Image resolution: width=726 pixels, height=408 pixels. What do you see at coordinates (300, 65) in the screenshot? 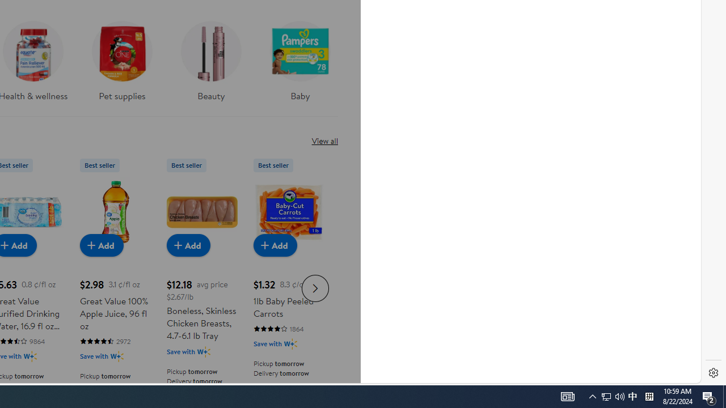
I see `'Baby'` at bounding box center [300, 65].